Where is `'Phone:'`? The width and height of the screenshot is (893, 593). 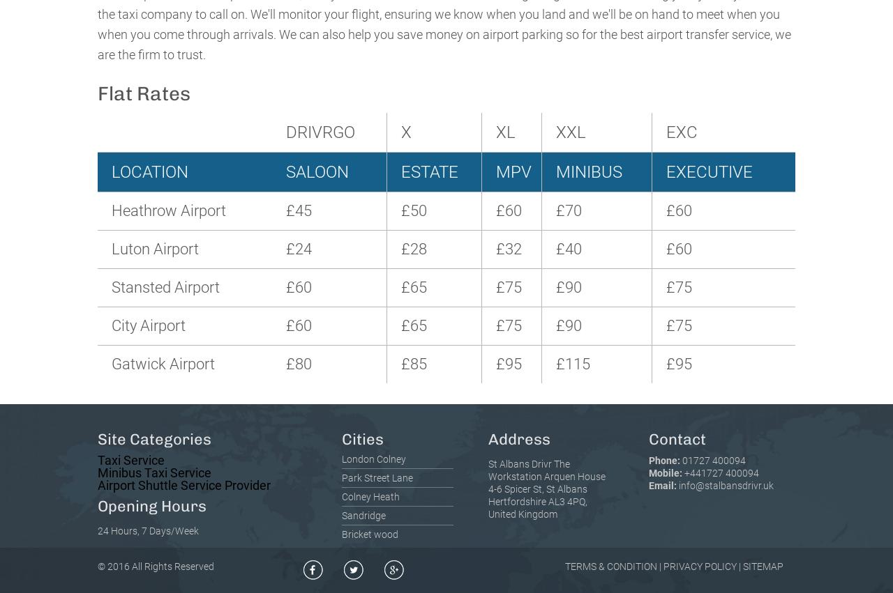 'Phone:' is located at coordinates (663, 460).